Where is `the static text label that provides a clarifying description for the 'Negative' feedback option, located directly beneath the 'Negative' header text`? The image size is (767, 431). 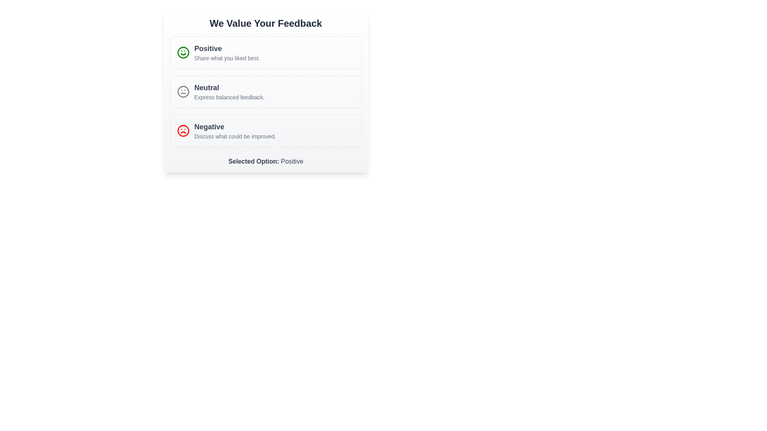 the static text label that provides a clarifying description for the 'Negative' feedback option, located directly beneath the 'Negative' header text is located at coordinates (234, 136).